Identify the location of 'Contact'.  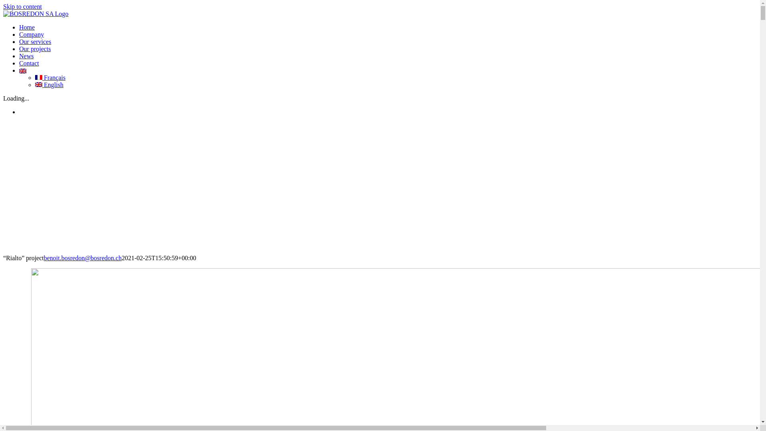
(29, 63).